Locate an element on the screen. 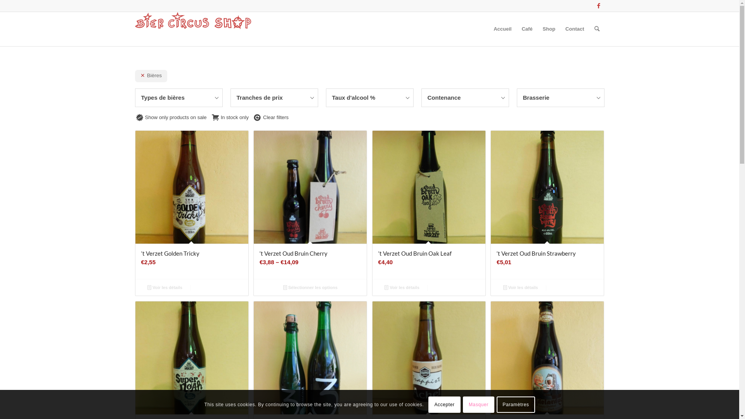 The height and width of the screenshot is (419, 745). 'Shop' is located at coordinates (549, 28).